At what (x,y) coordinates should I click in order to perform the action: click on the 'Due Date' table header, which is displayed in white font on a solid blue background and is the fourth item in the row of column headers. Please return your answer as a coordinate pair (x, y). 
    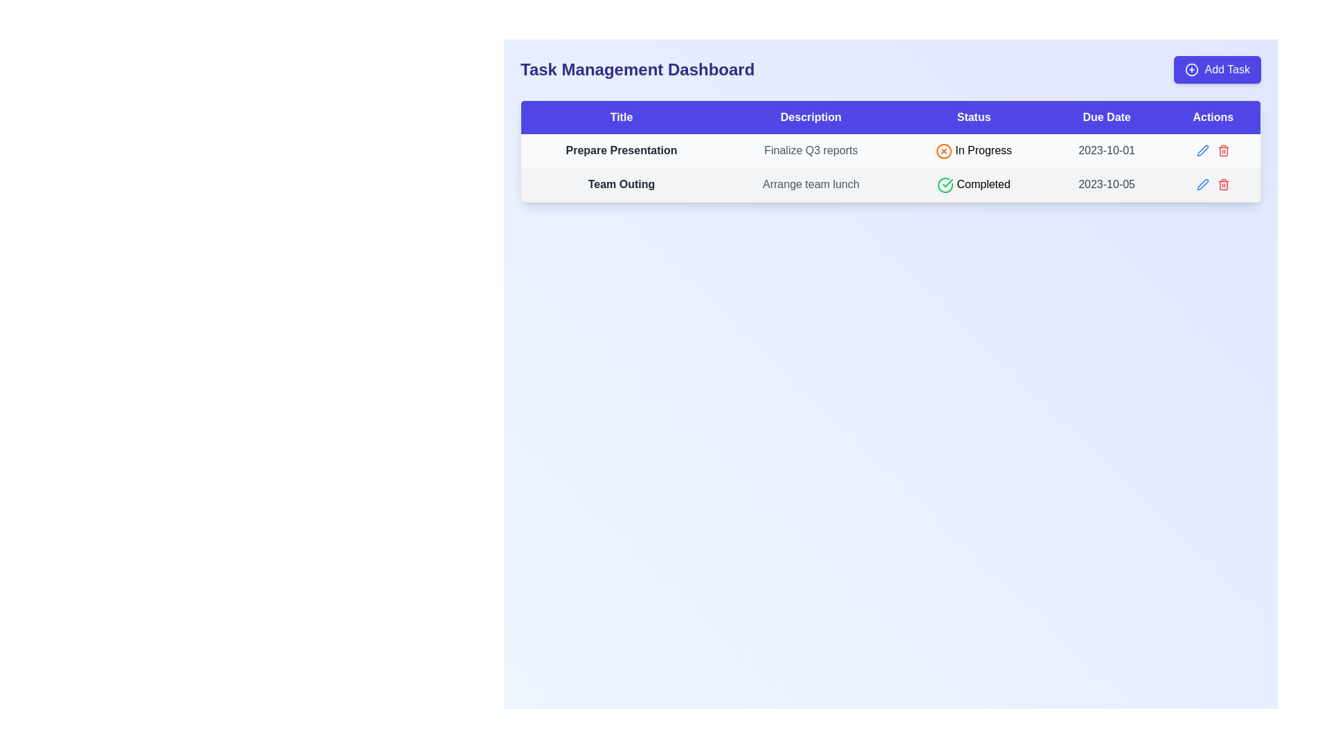
    Looking at the image, I should click on (1106, 116).